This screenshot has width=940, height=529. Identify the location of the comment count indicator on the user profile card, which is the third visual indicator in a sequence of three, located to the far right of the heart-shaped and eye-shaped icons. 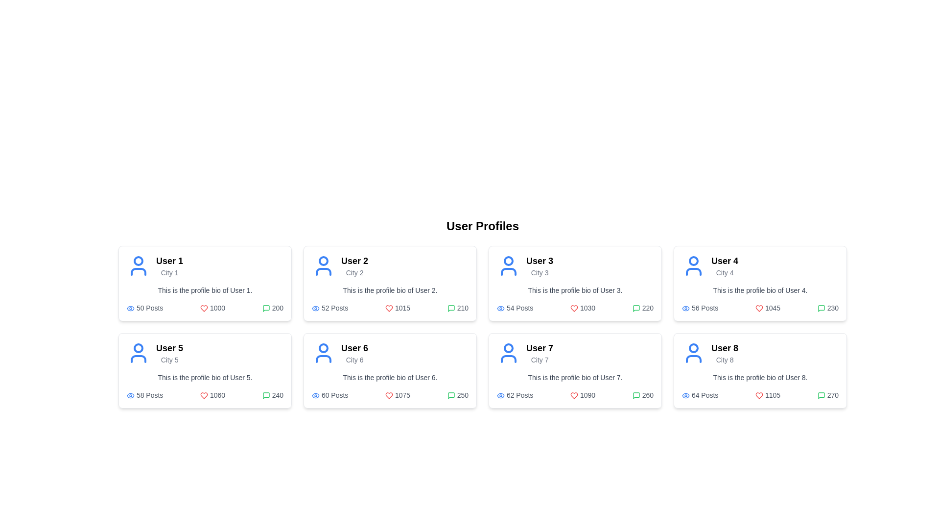
(827, 307).